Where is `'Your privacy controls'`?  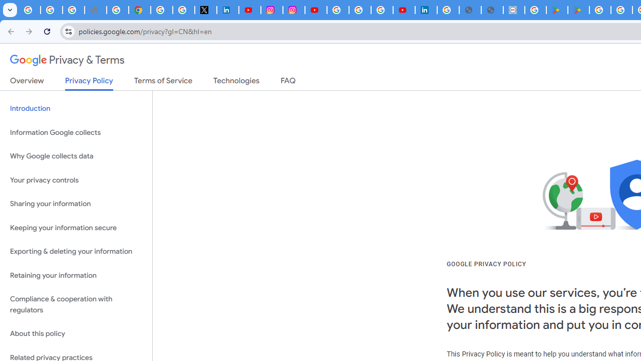 'Your privacy controls' is located at coordinates (76, 179).